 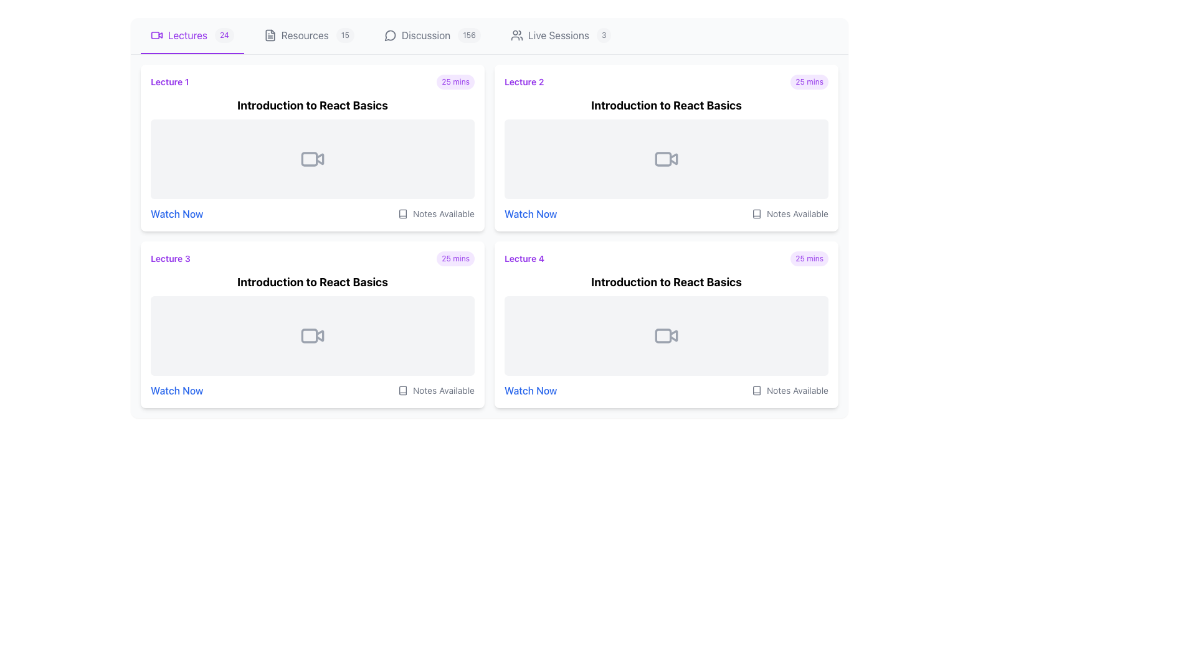 I want to click on the minimalistic open book icon with a bookmark shape located in the bottom-left quadrant, representing a book-related feature, so click(x=403, y=390).